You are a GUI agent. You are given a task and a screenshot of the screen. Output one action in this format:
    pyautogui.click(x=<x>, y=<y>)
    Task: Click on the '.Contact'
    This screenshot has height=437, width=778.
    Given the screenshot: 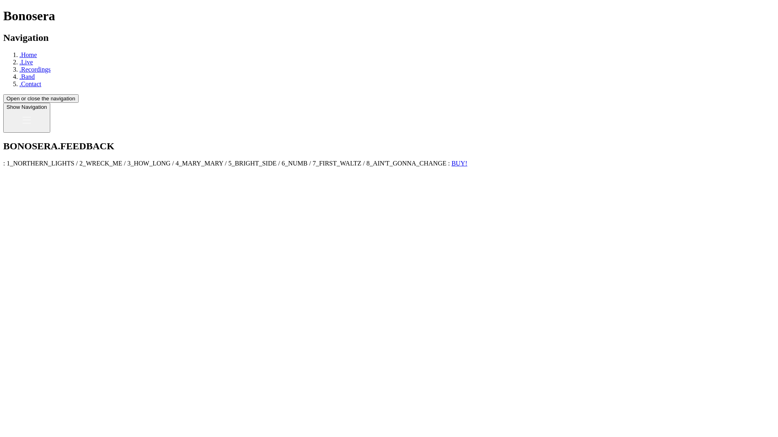 What is the action you would take?
    pyautogui.click(x=30, y=84)
    